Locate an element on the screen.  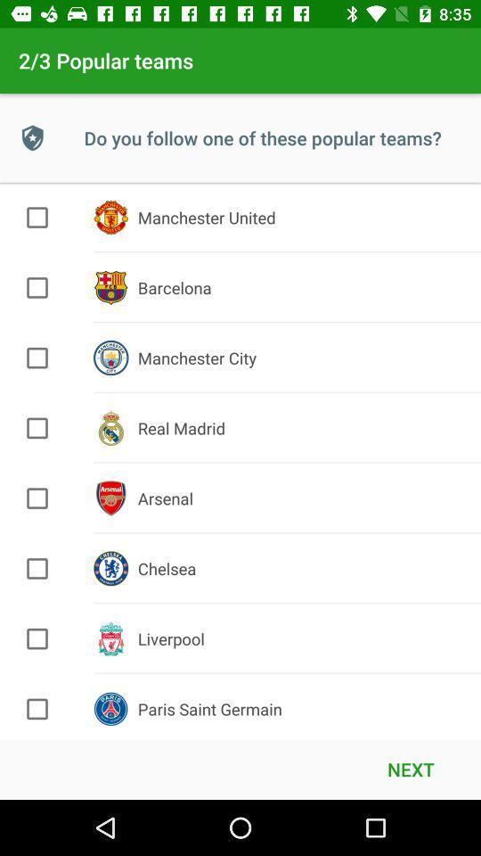
tick the item is located at coordinates (37, 428).